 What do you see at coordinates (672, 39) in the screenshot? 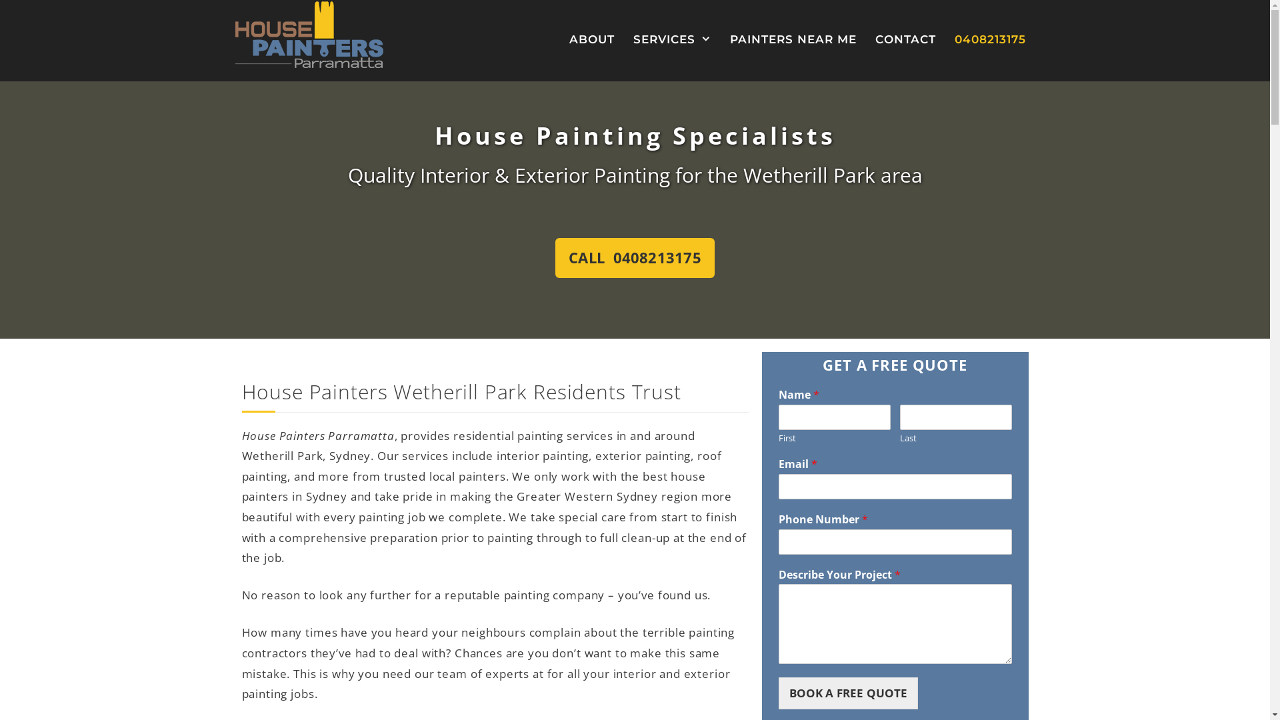
I see `'SERVICES'` at bounding box center [672, 39].